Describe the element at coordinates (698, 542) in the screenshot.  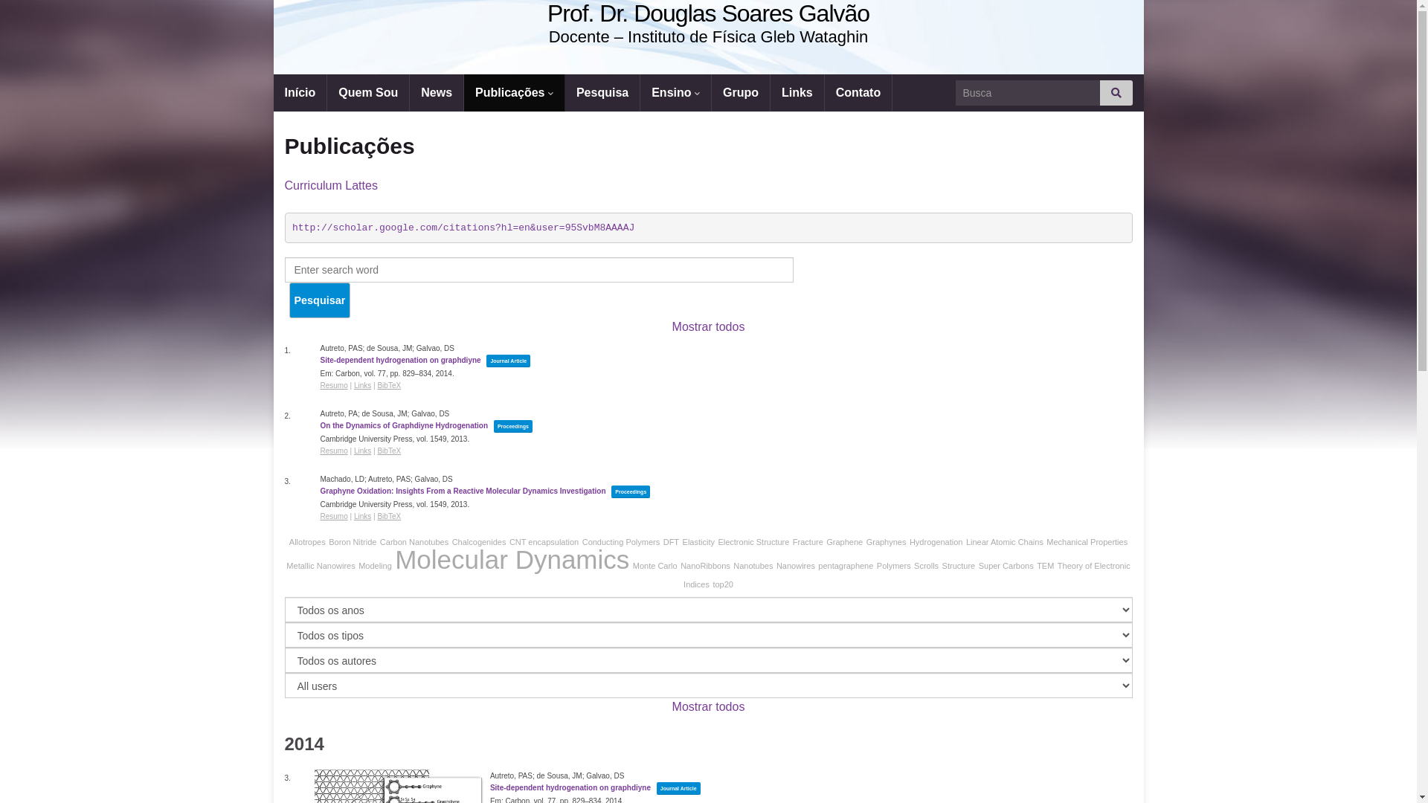
I see `'Elasticity'` at that location.